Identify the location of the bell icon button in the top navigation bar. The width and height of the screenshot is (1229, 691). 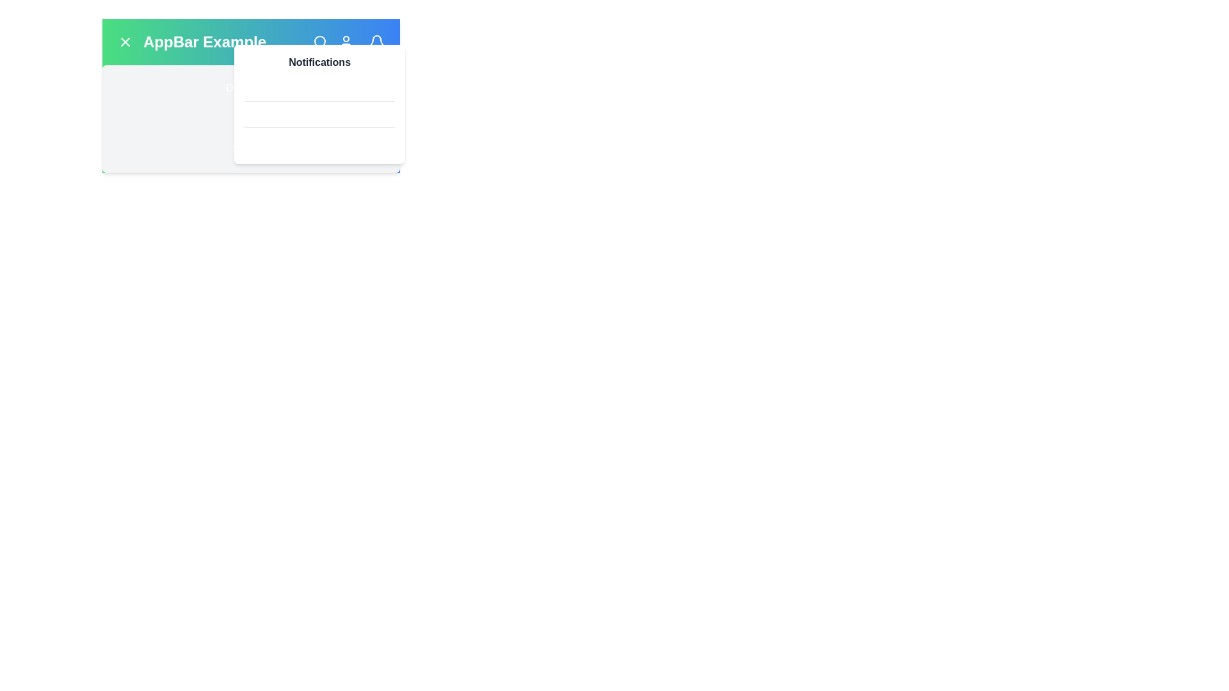
(376, 41).